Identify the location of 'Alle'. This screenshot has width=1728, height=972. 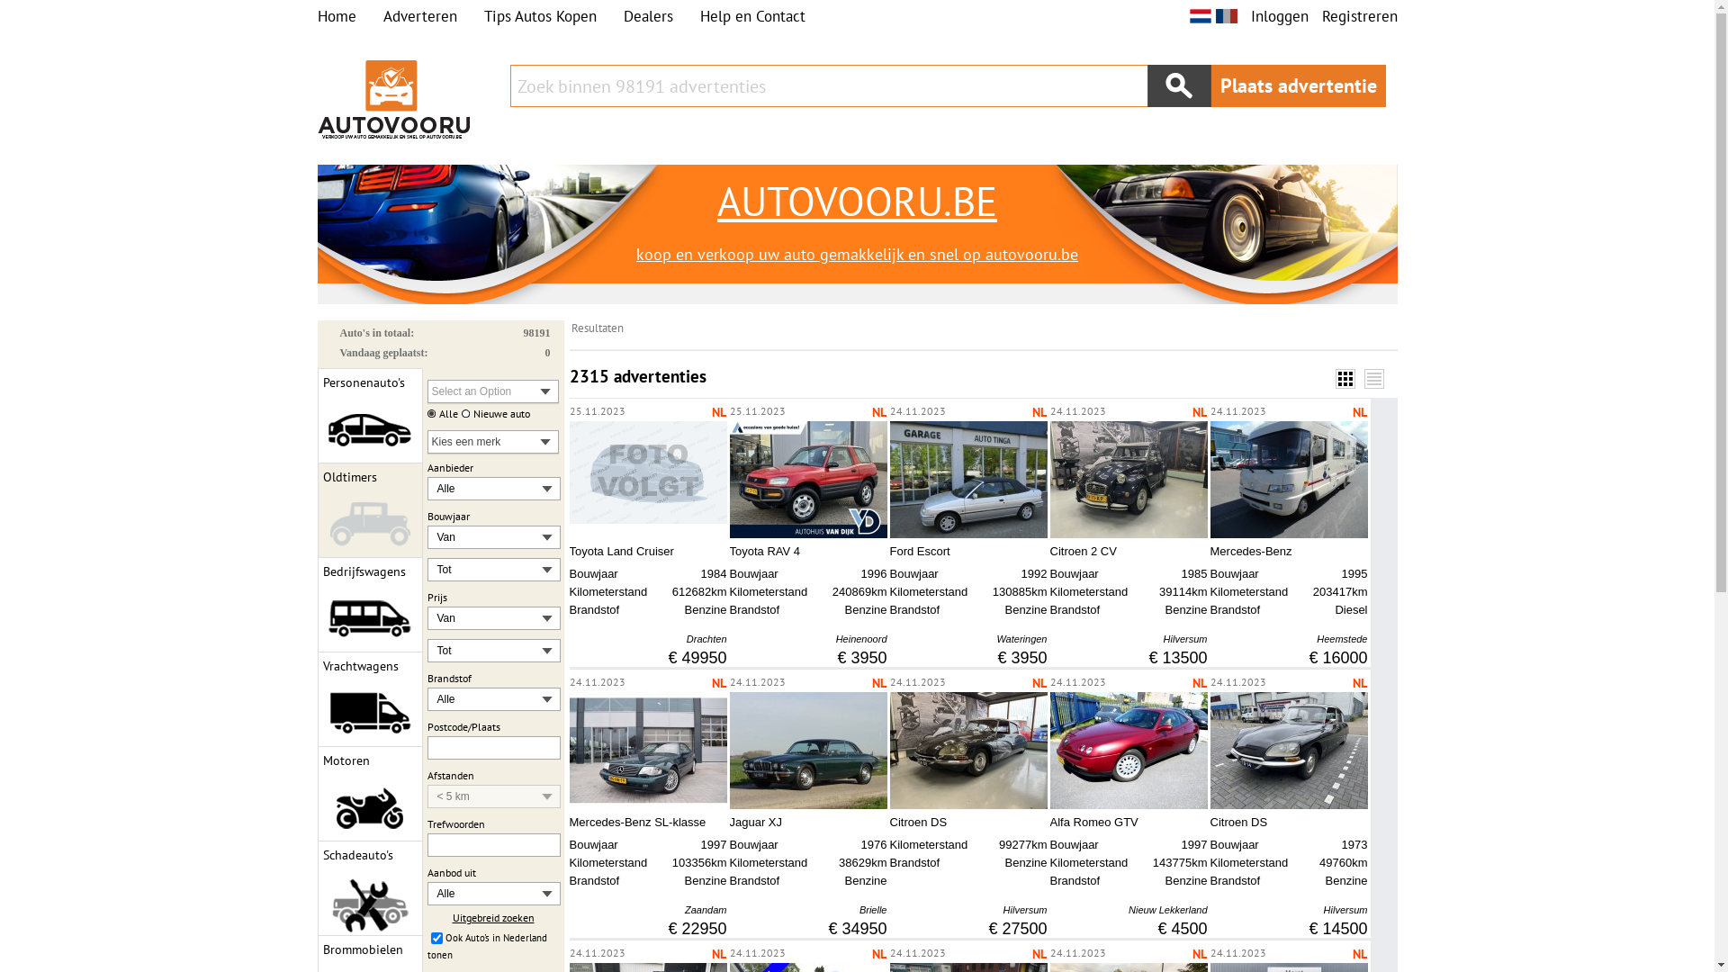
(481, 893).